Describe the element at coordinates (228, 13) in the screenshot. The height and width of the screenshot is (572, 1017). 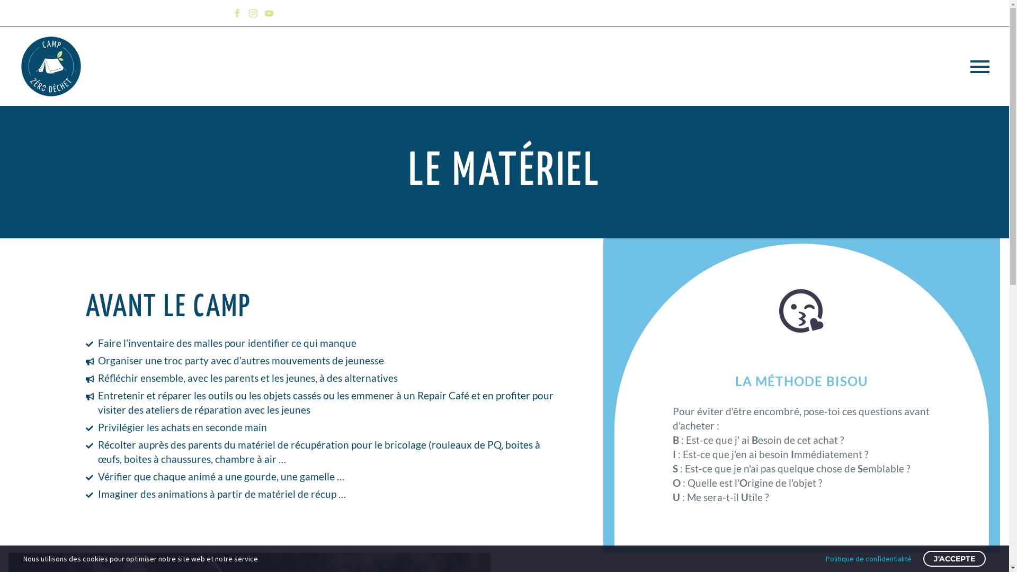
I see `'Facebook'` at that location.